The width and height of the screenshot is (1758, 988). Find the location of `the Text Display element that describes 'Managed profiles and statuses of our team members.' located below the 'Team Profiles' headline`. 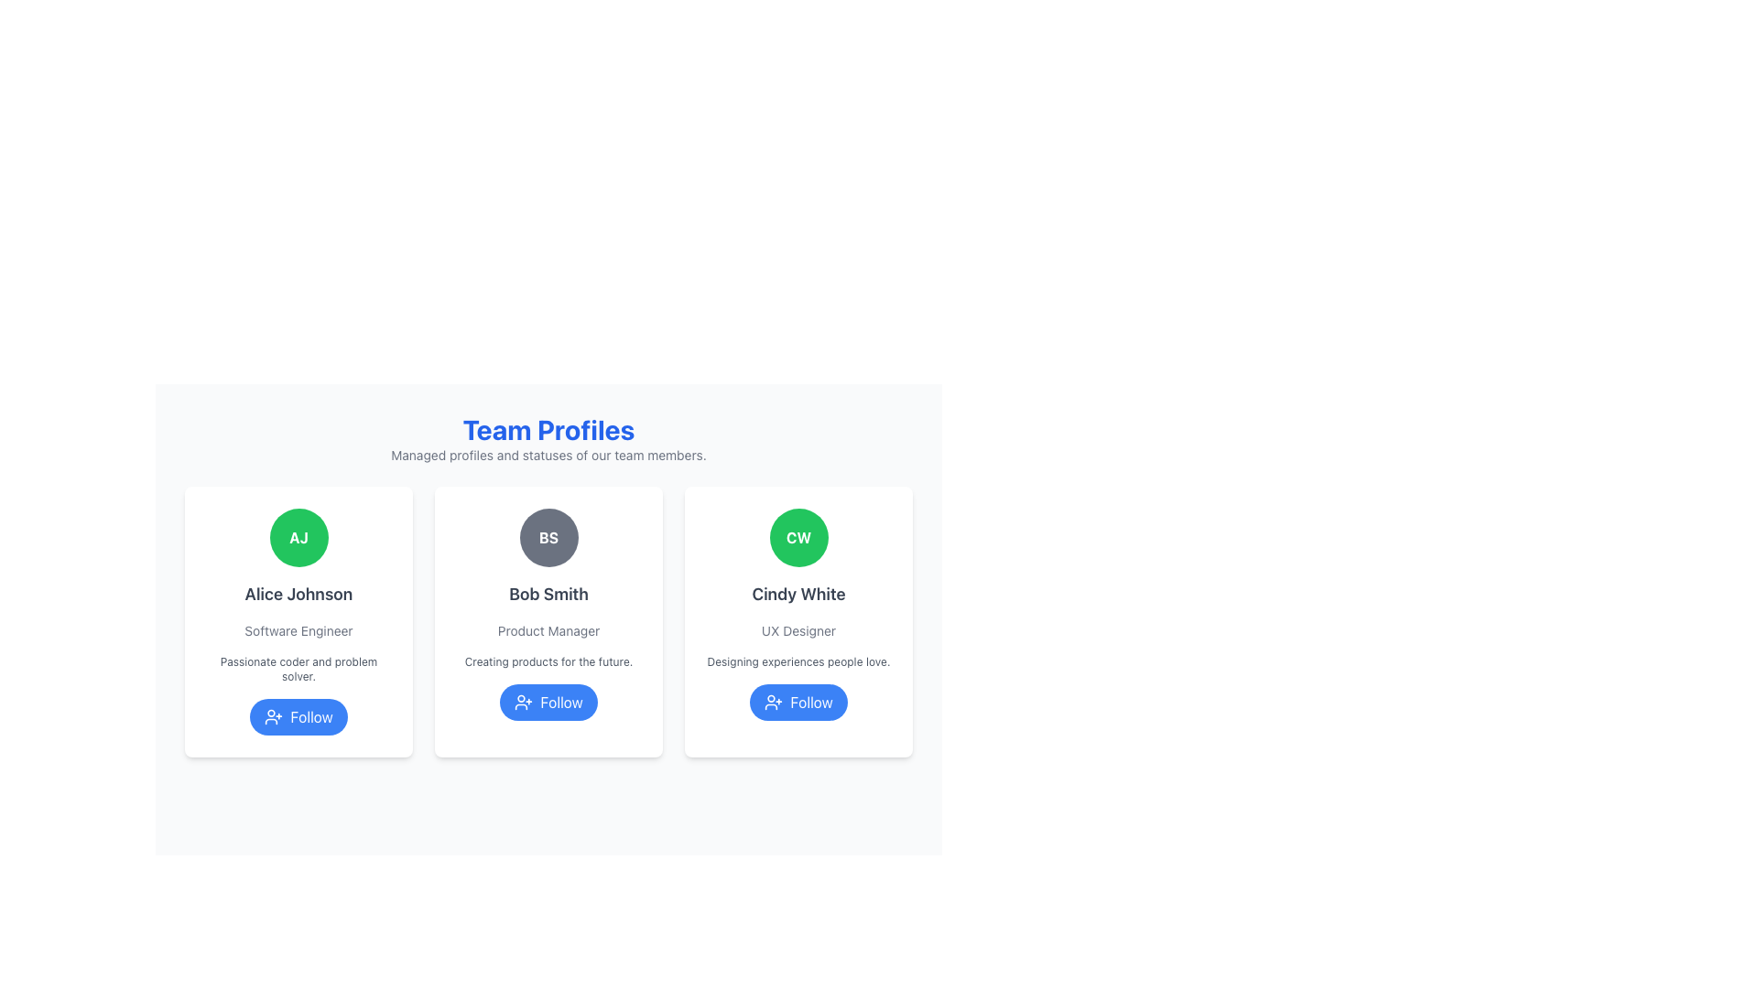

the Text Display element that describes 'Managed profiles and statuses of our team members.' located below the 'Team Profiles' headline is located at coordinates (548, 454).